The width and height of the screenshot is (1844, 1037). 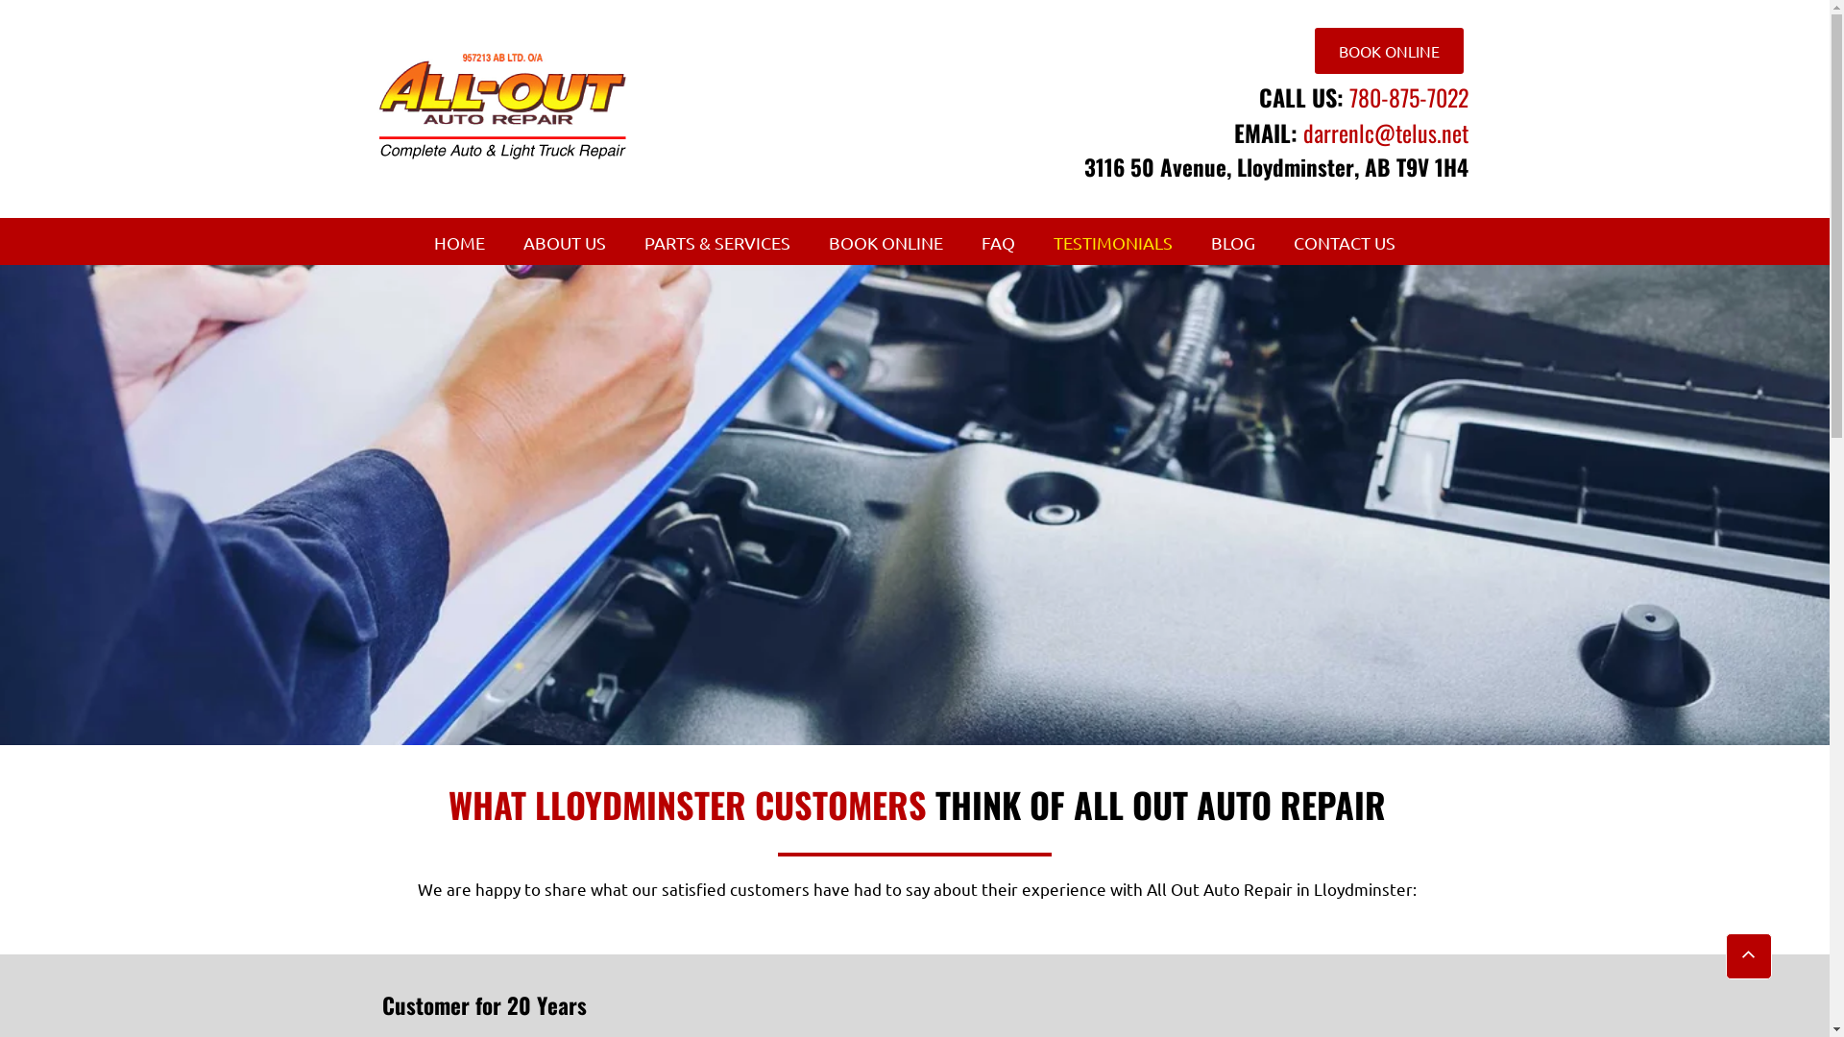 I want to click on 'BLOG', so click(x=1232, y=242).